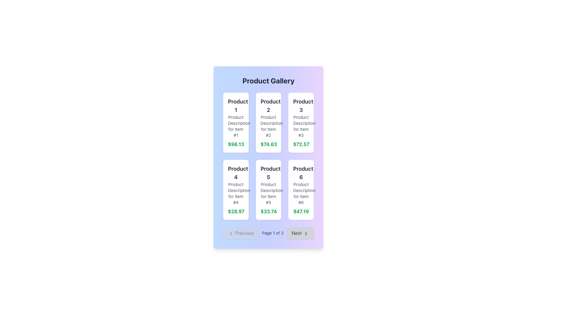 This screenshot has height=324, width=576. I want to click on the text label providing a descriptive summary for 'Product 5', which is located below the product title and above the price in the product card, so click(268, 193).